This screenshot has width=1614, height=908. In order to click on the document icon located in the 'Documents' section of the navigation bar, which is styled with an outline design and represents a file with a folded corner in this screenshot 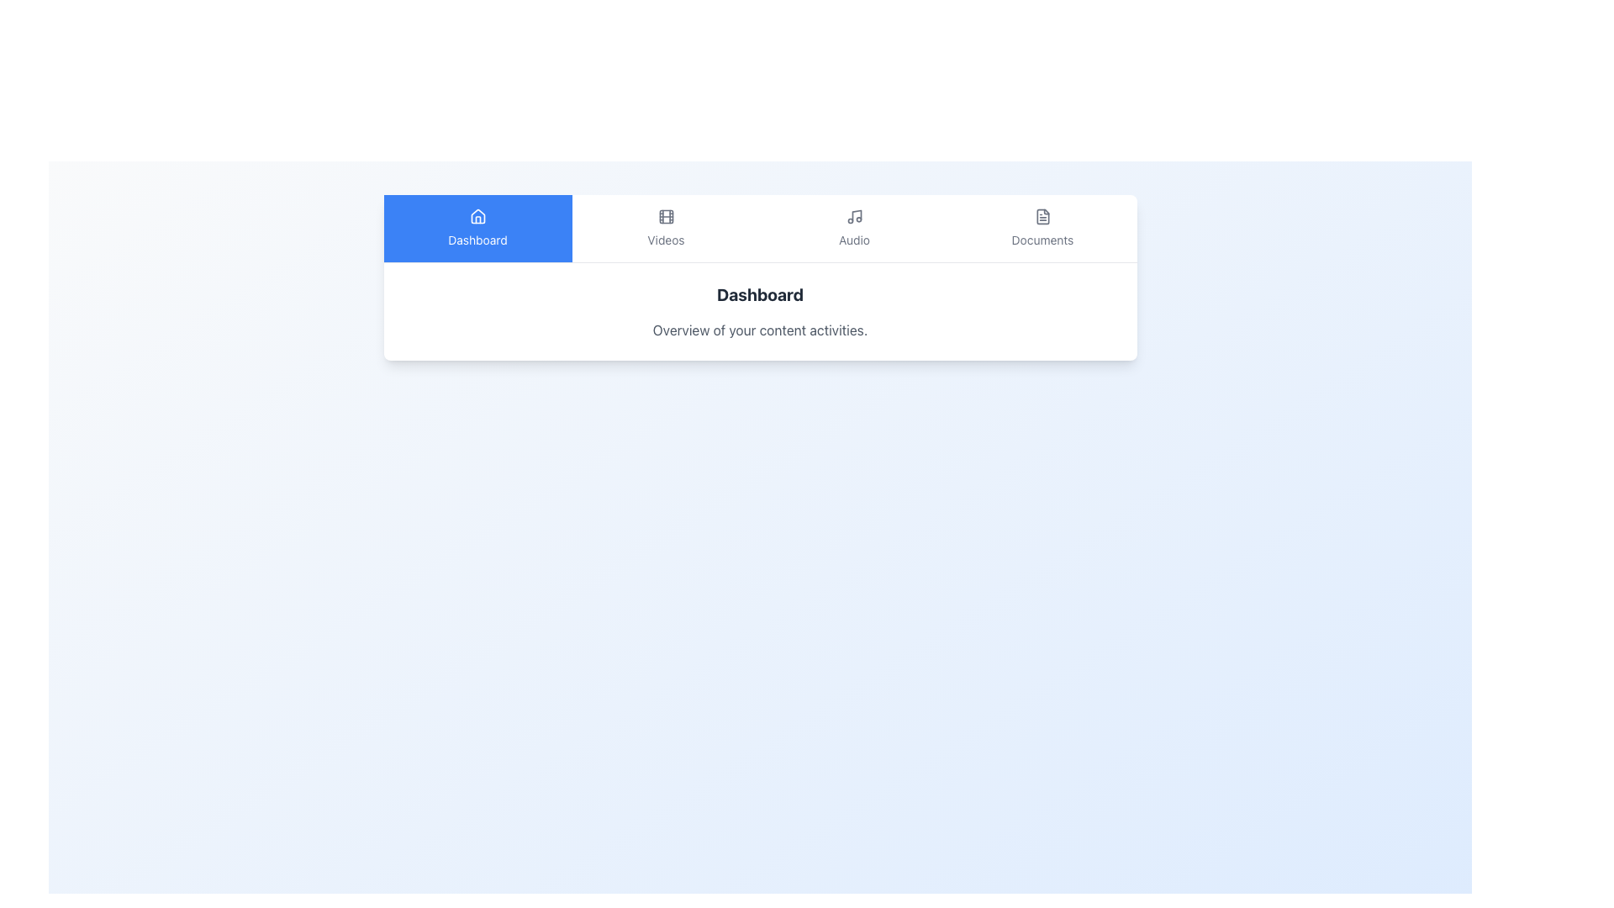, I will do `click(1042, 216)`.